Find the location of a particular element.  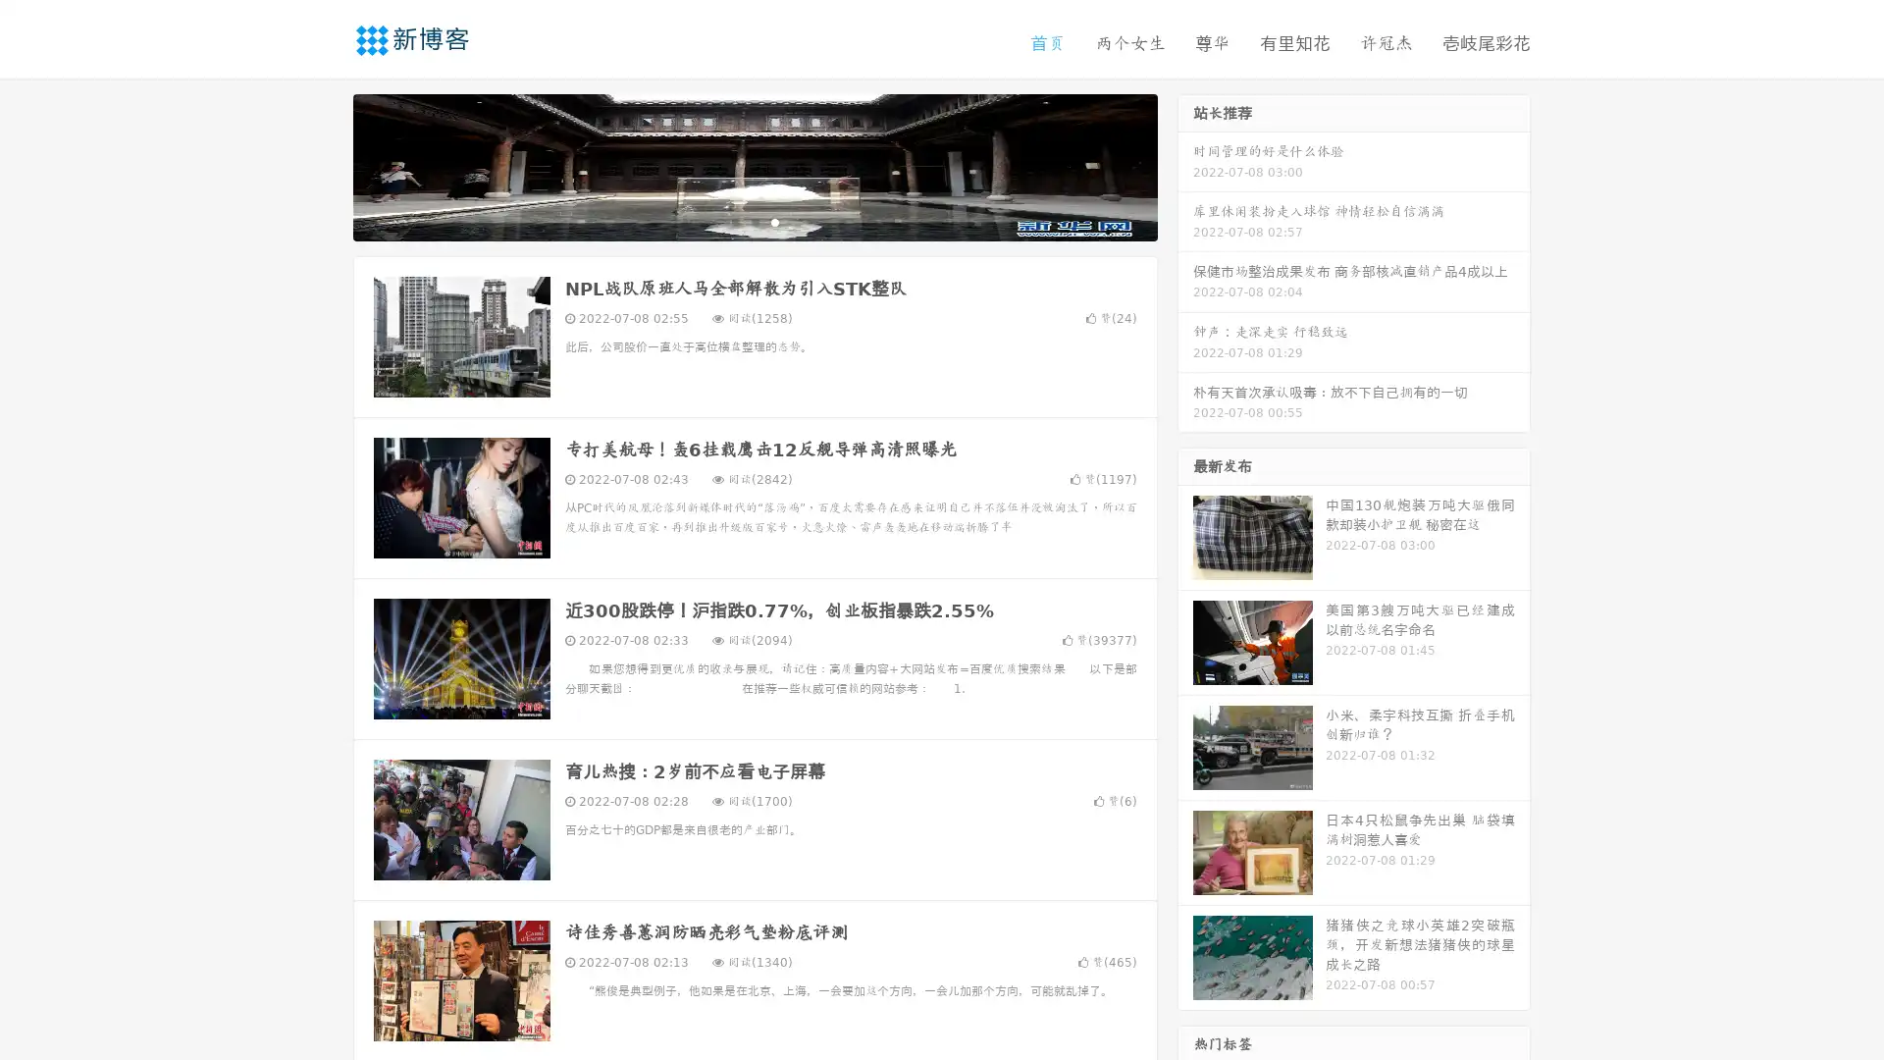

Next slide is located at coordinates (1185, 165).